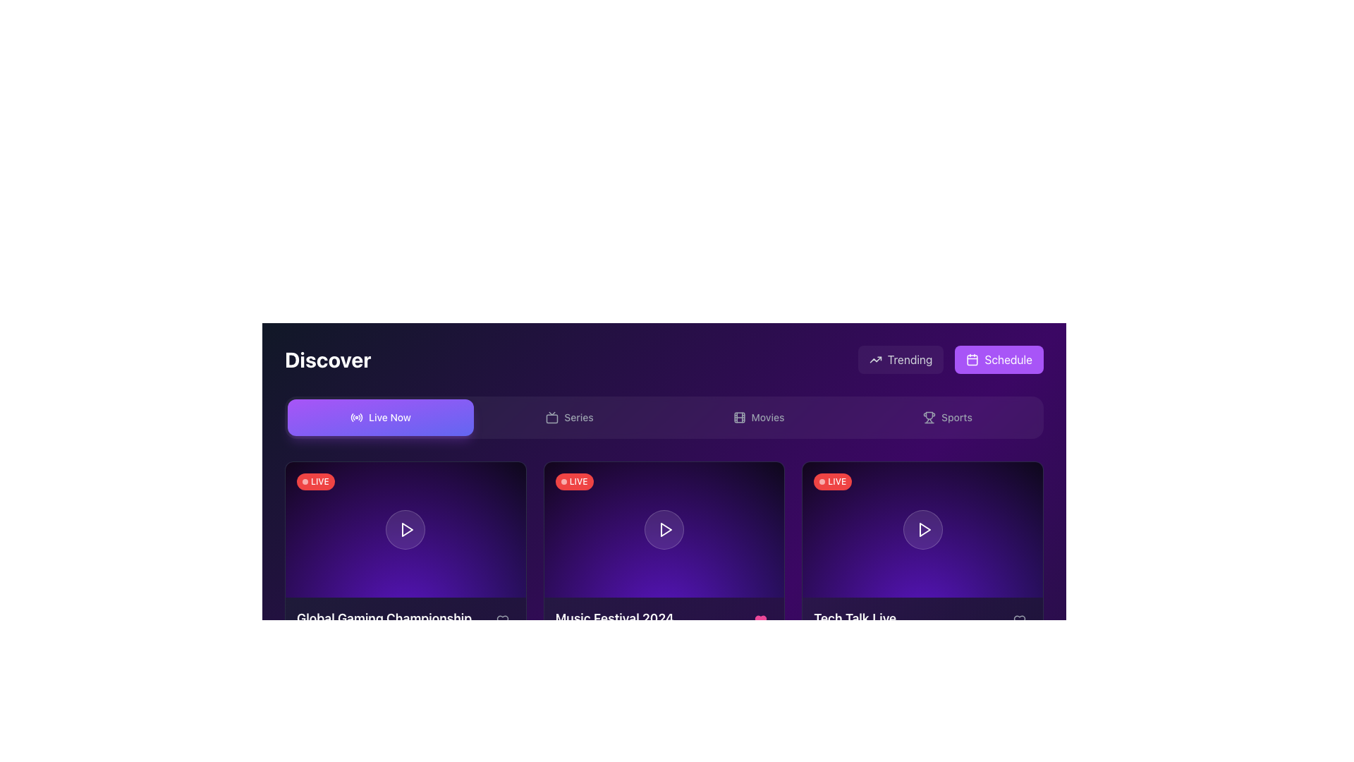  I want to click on the interactive heart icon button located in the bottom-right corner of the 'Tech Talk Live' card, so click(1019, 619).